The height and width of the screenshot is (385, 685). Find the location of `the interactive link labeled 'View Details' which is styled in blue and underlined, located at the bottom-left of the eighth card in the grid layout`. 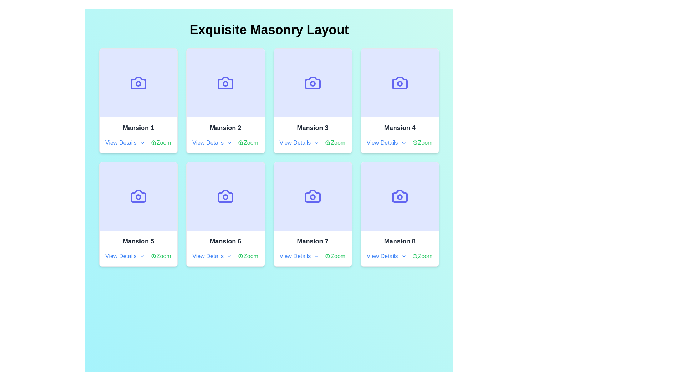

the interactive link labeled 'View Details' which is styled in blue and underlined, located at the bottom-left of the eighth card in the grid layout is located at coordinates (386, 256).